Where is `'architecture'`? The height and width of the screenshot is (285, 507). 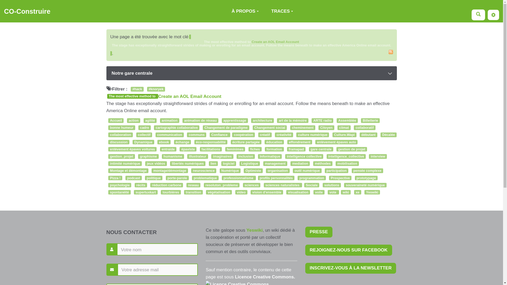
'architecture' is located at coordinates (251, 120).